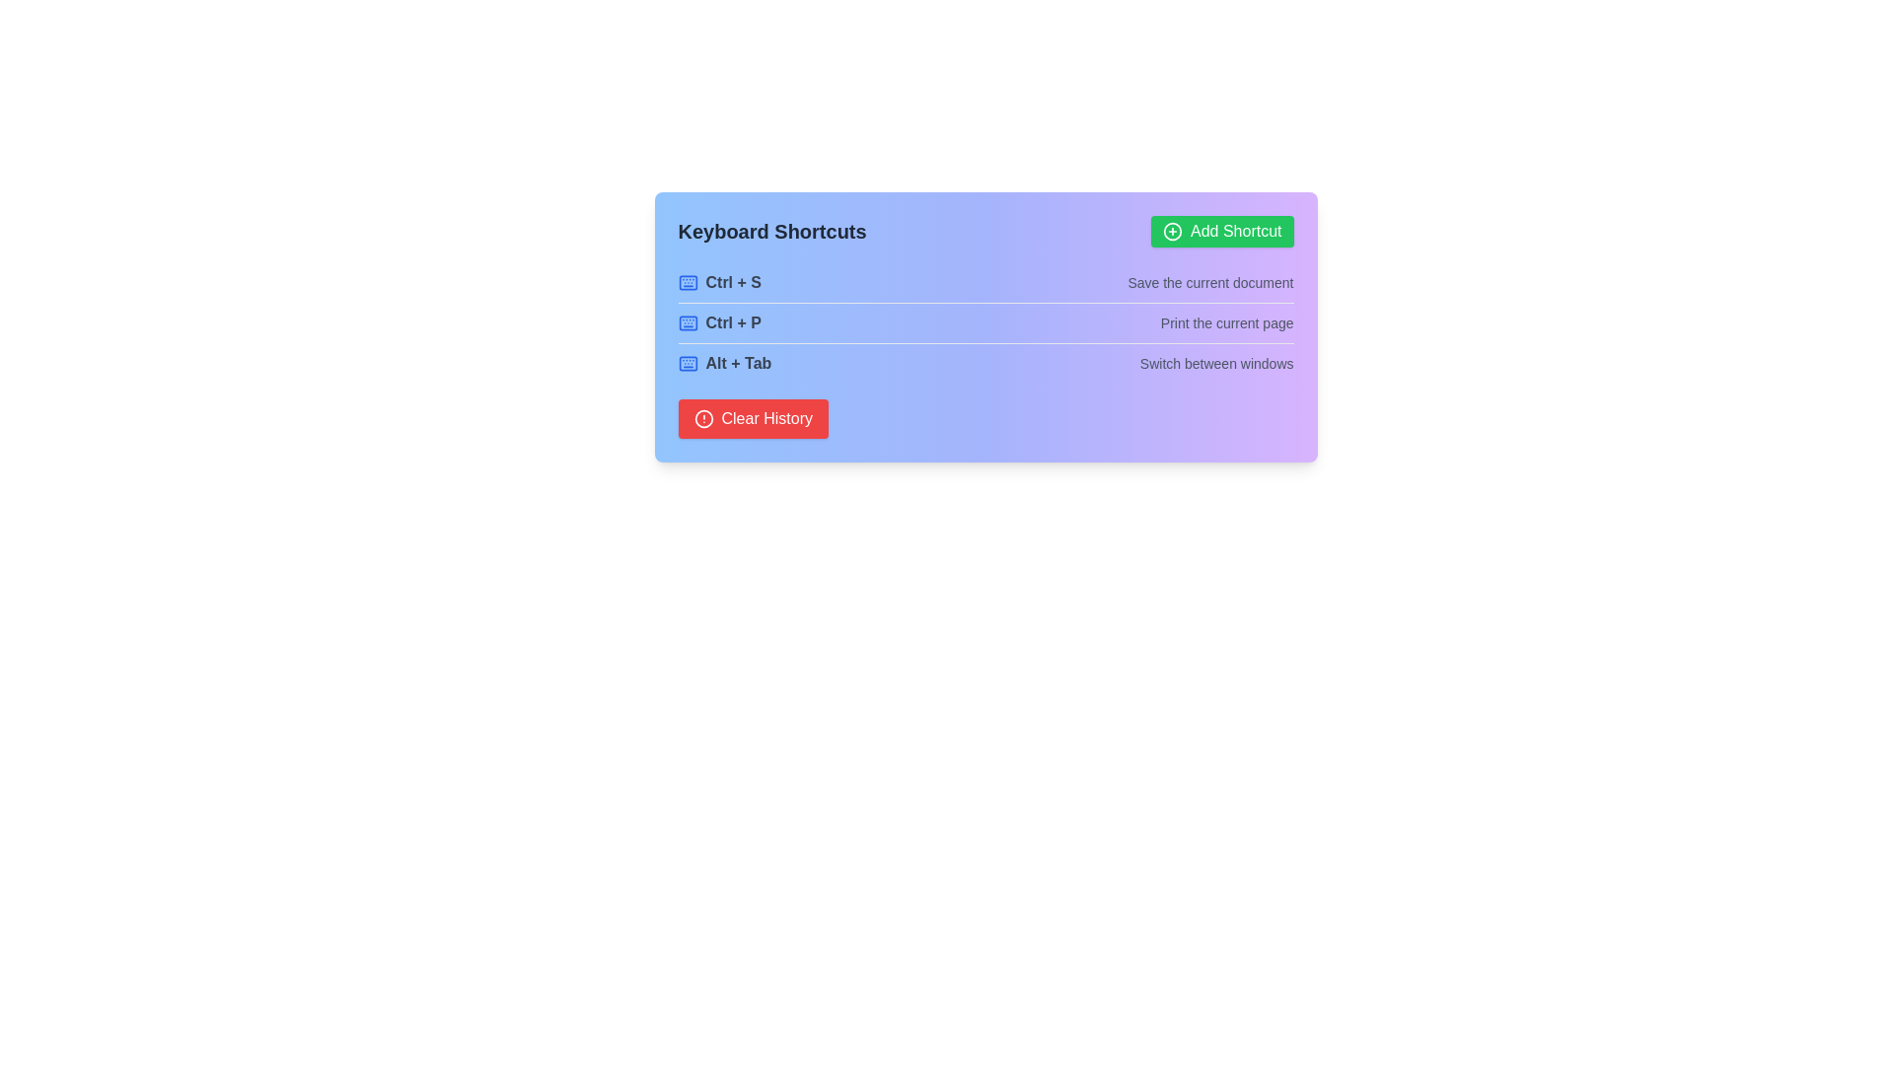  Describe the element at coordinates (718, 282) in the screenshot. I see `the Label with icon that displays the keyboard shortcut 'Ctrl + S' for the save action, located in the top-left corner of the panel listing keyboard shortcuts` at that location.